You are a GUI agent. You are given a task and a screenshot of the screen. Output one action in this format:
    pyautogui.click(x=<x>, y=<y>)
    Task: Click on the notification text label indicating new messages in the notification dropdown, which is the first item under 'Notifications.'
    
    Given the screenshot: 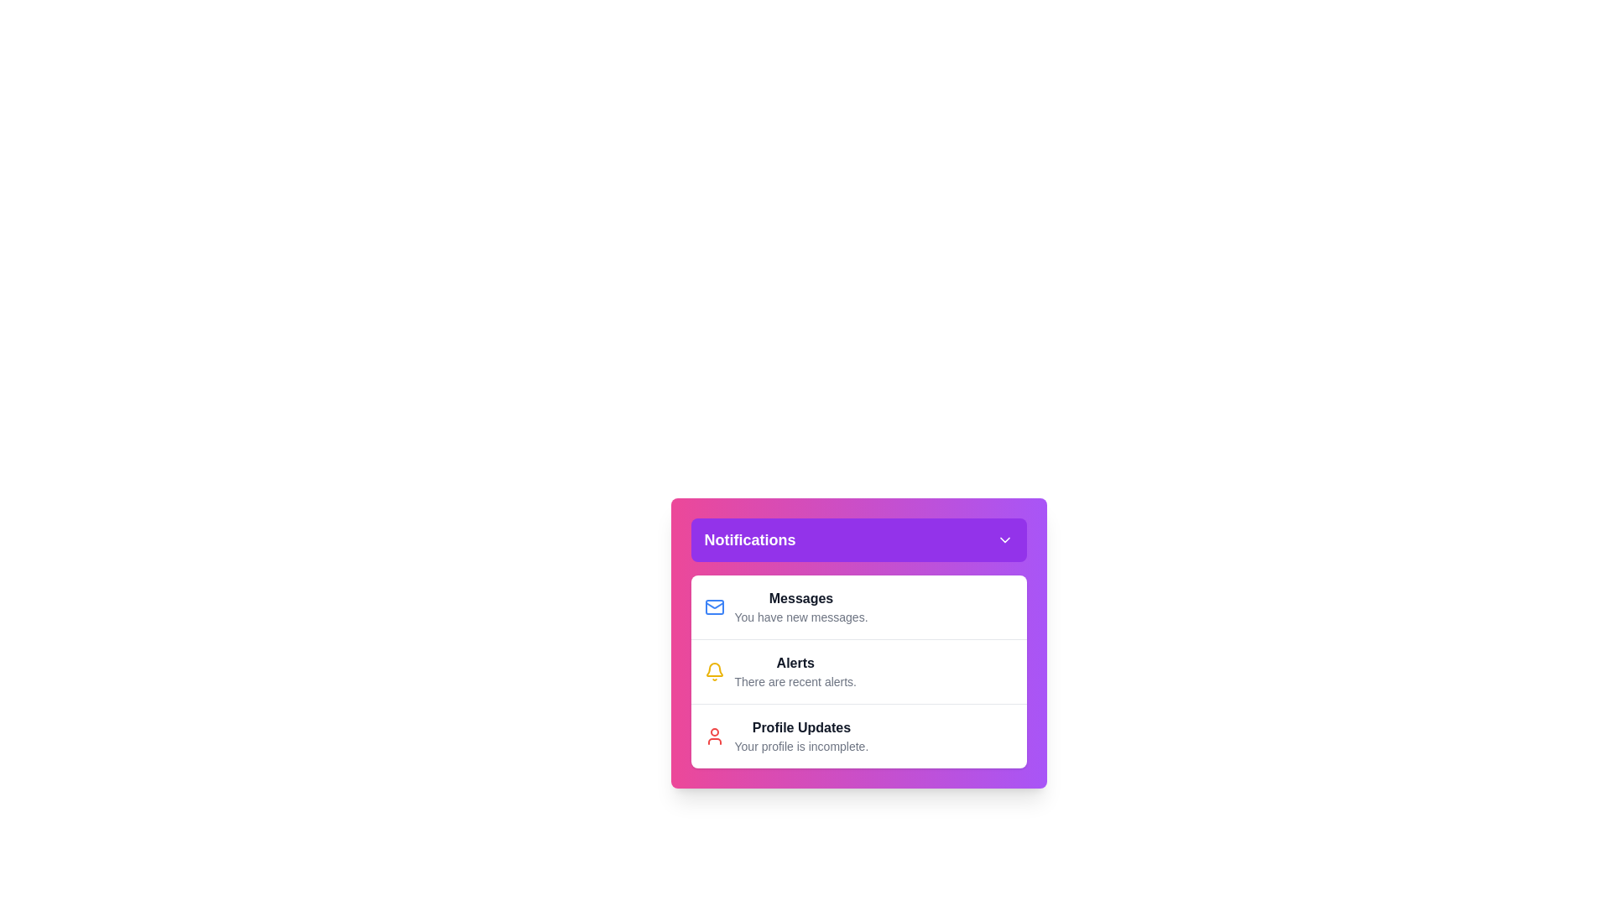 What is the action you would take?
    pyautogui.click(x=800, y=607)
    